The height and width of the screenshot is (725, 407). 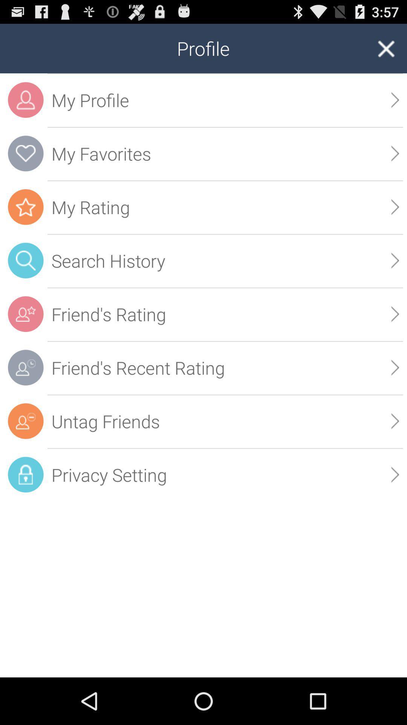 What do you see at coordinates (225, 100) in the screenshot?
I see `the app above the my favorites` at bounding box center [225, 100].